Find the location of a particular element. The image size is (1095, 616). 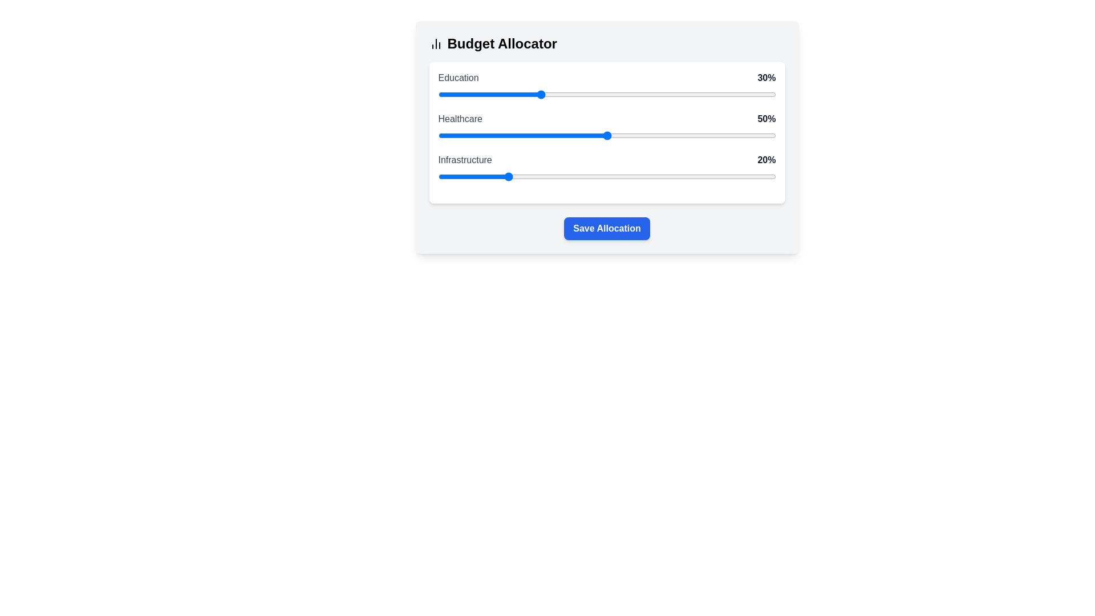

infrastructure allocation is located at coordinates (606, 176).